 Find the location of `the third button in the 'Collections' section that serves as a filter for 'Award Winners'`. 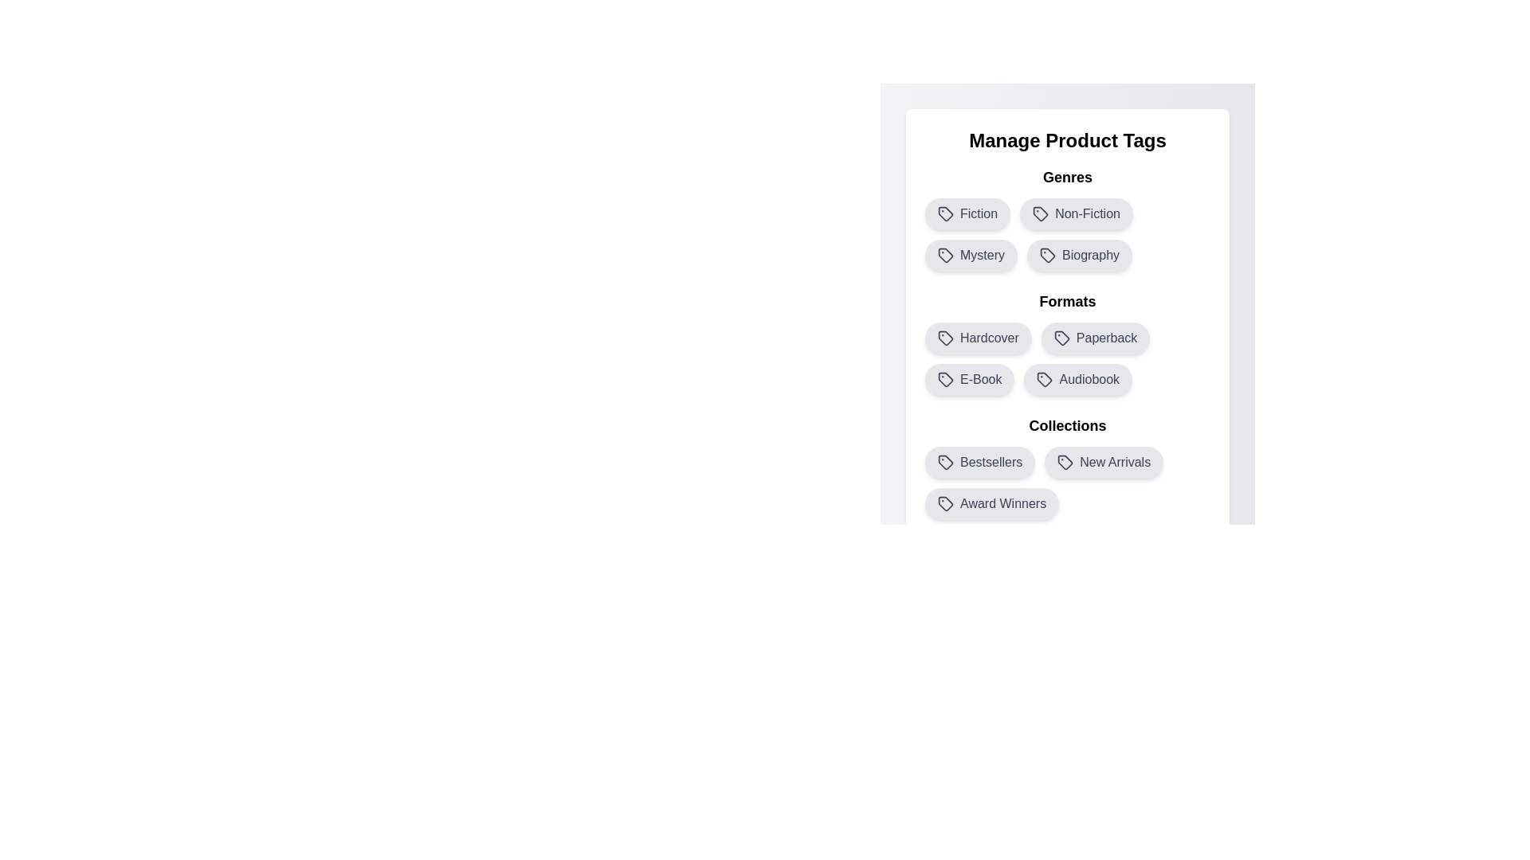

the third button in the 'Collections' section that serves as a filter for 'Award Winners' is located at coordinates (991, 503).